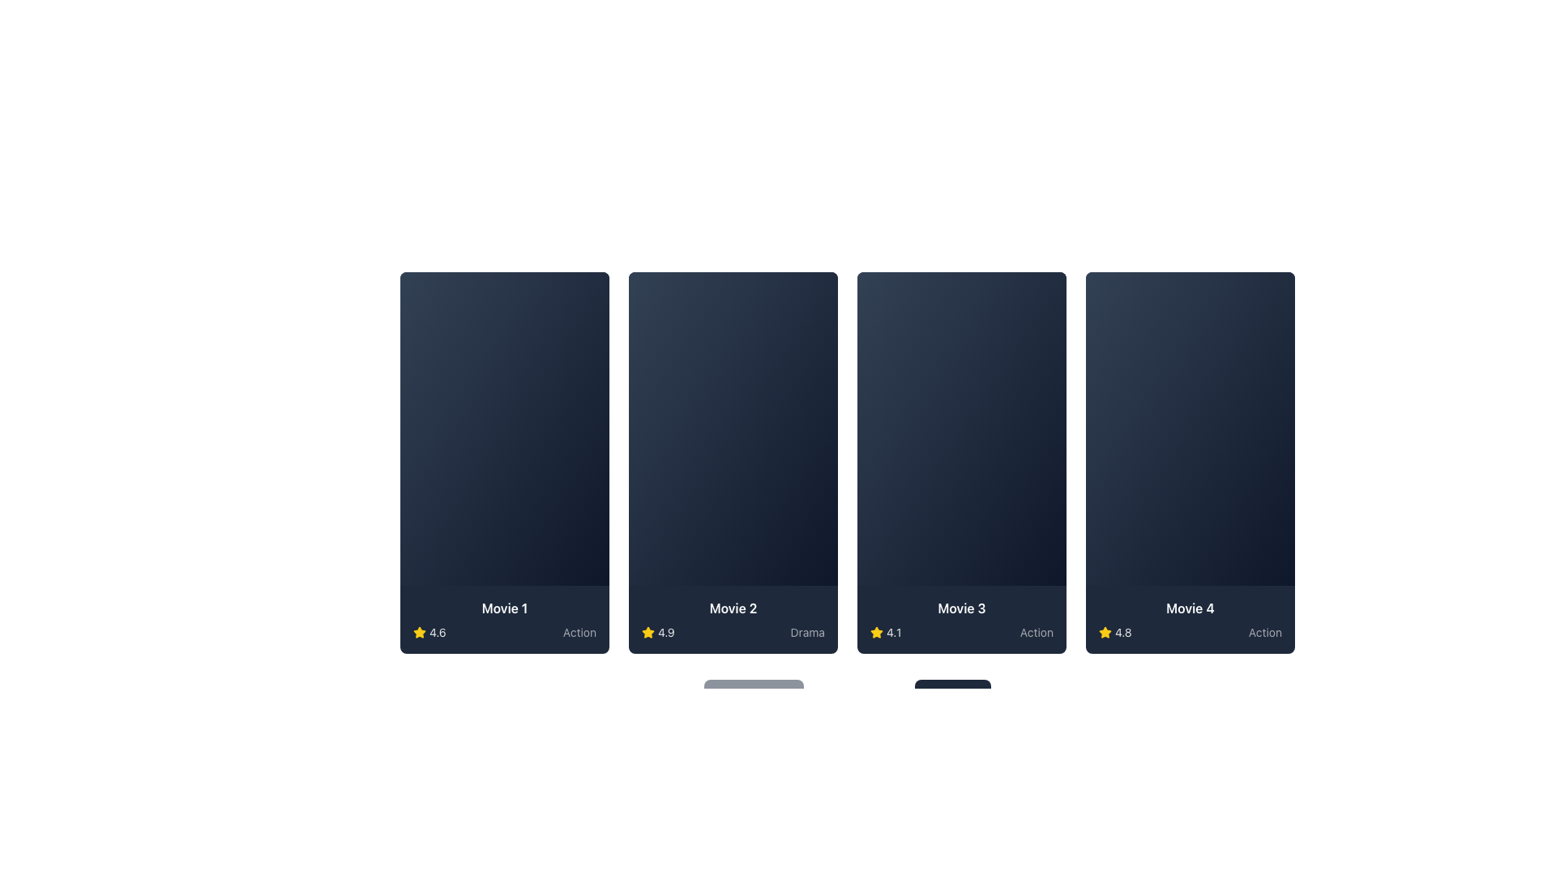 This screenshot has height=875, width=1556. What do you see at coordinates (875, 631) in the screenshot?
I see `the star icon indicating a rating value of '4.1' located at the bottom part of the 'Movie 3' card` at bounding box center [875, 631].